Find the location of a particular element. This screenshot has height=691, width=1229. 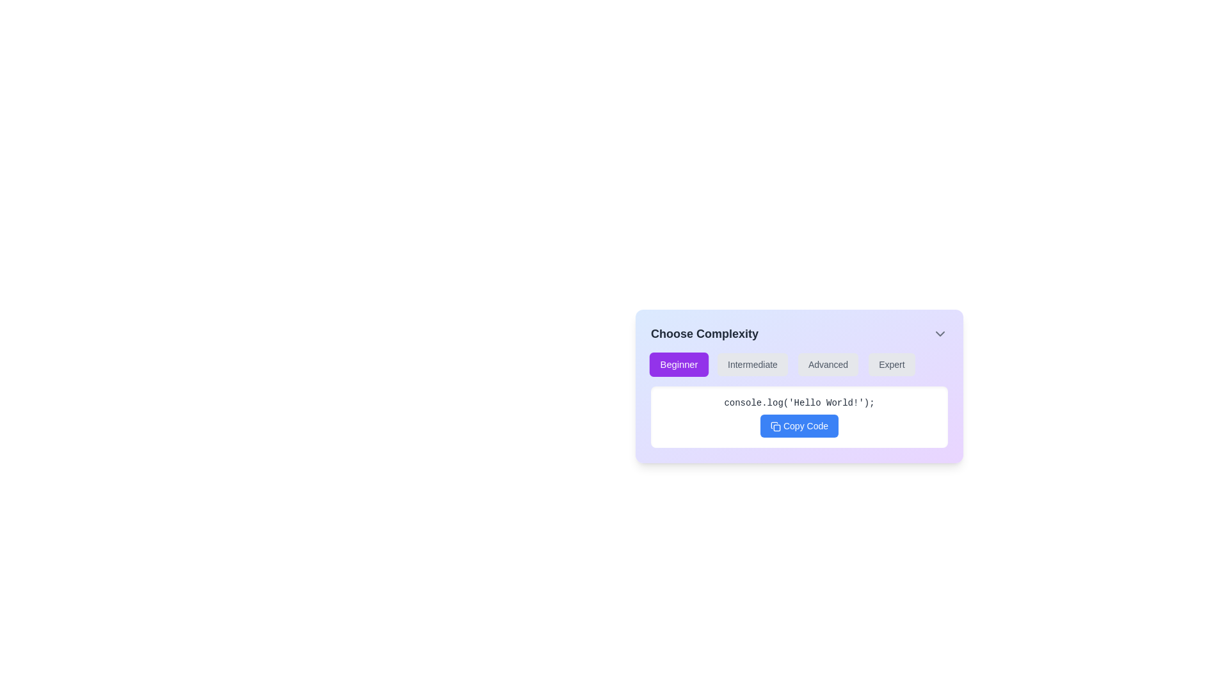

the small downward-pointing chevron icon located in the upper-right corner of the 'Choose Complexity' section is located at coordinates (940, 333).